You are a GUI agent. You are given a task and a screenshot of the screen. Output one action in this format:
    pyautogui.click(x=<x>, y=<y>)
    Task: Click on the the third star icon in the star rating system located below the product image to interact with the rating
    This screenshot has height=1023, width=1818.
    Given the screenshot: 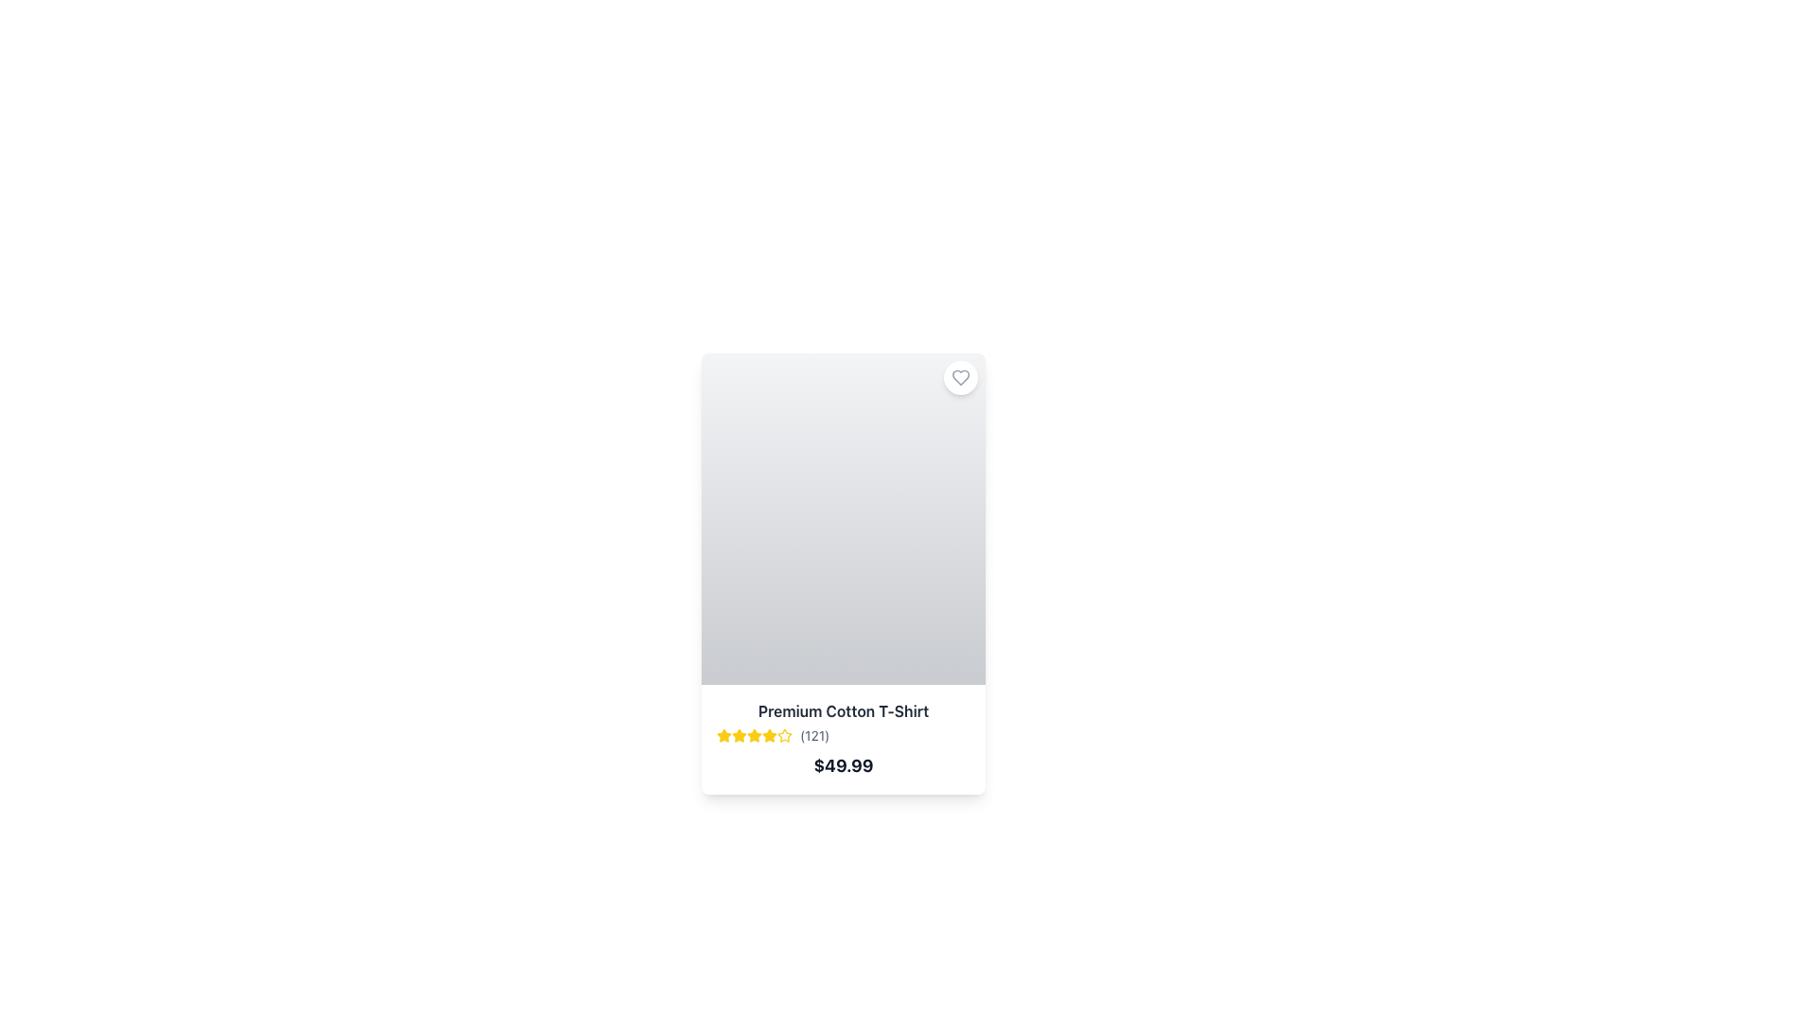 What is the action you would take?
    pyautogui.click(x=785, y=734)
    